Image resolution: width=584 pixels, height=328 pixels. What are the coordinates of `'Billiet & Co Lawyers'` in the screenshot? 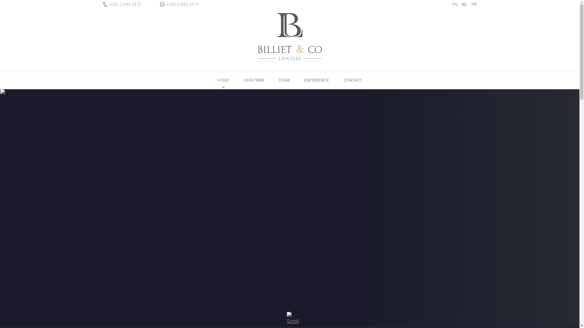 It's located at (289, 38).